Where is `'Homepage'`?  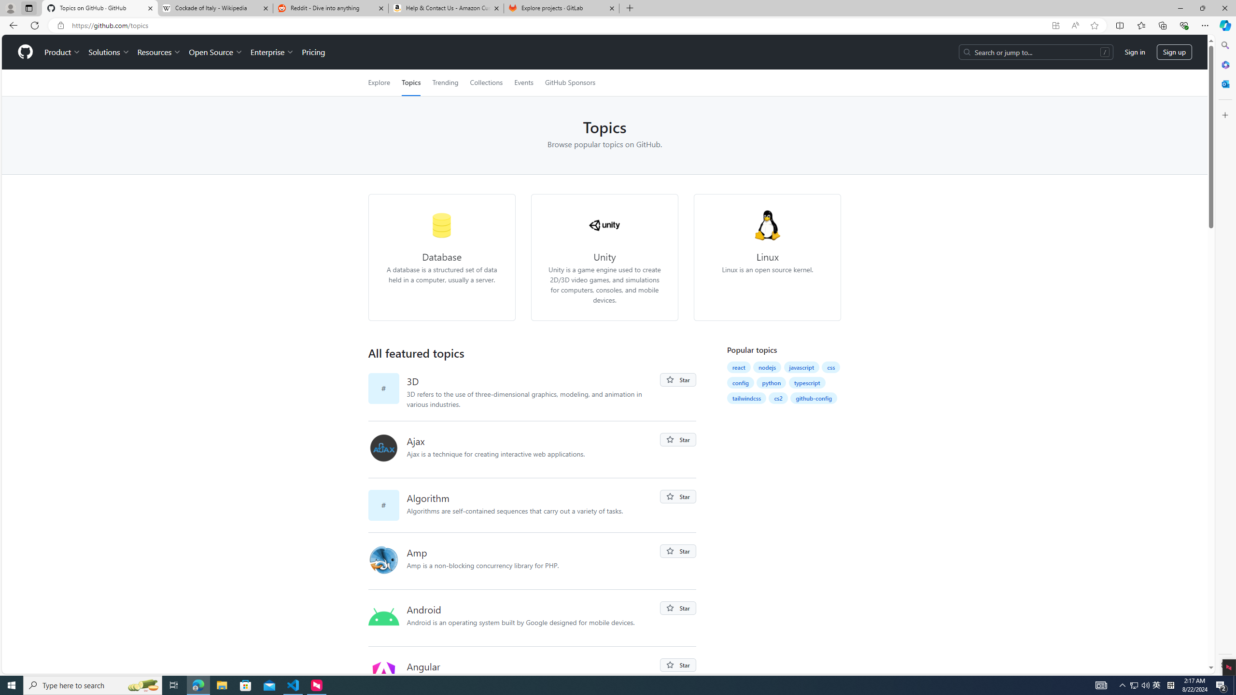
'Homepage' is located at coordinates (25, 52).